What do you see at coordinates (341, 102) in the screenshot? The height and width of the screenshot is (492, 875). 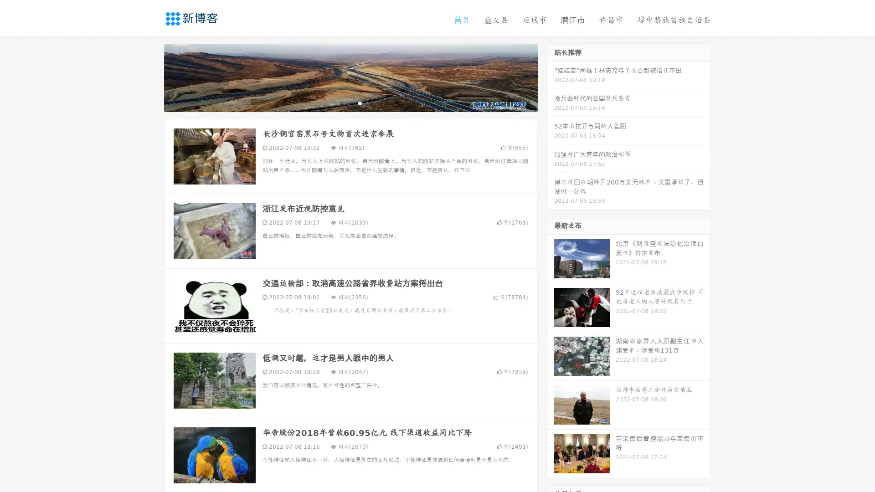 I see `Go to slide 1` at bounding box center [341, 102].